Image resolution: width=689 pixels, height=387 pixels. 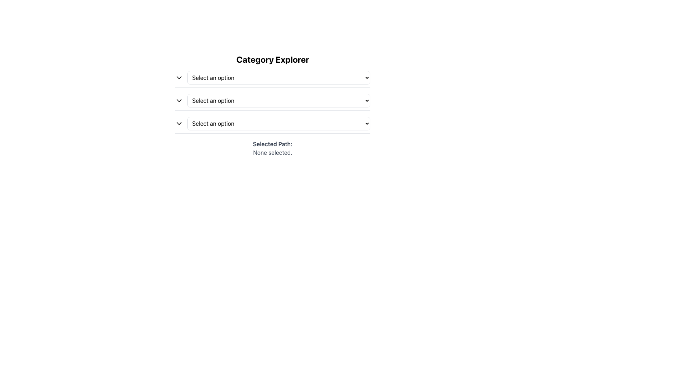 What do you see at coordinates (179, 123) in the screenshot?
I see `the black downward-pointing chevron arrow icon` at bounding box center [179, 123].